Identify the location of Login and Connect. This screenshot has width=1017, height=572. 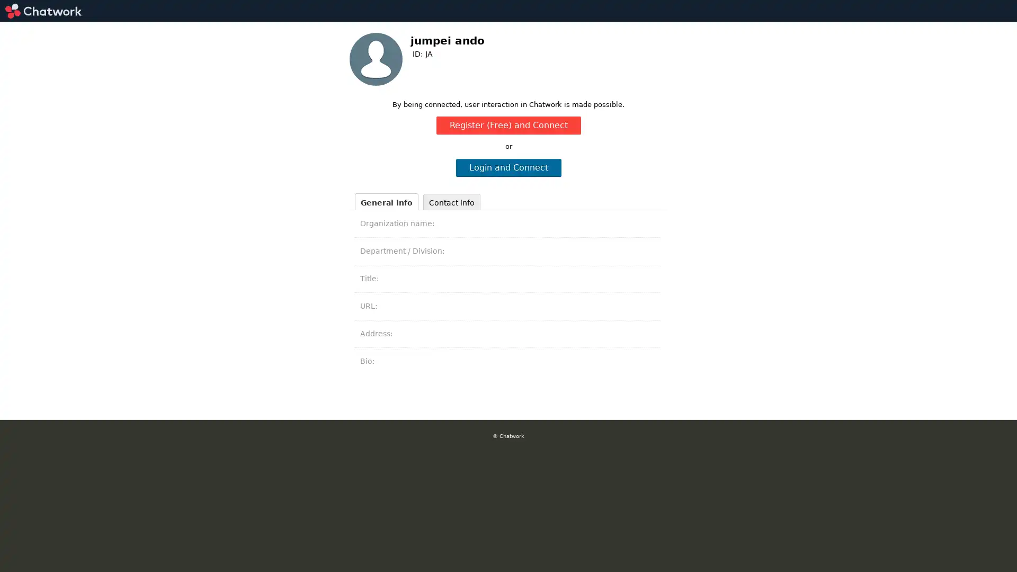
(507, 167).